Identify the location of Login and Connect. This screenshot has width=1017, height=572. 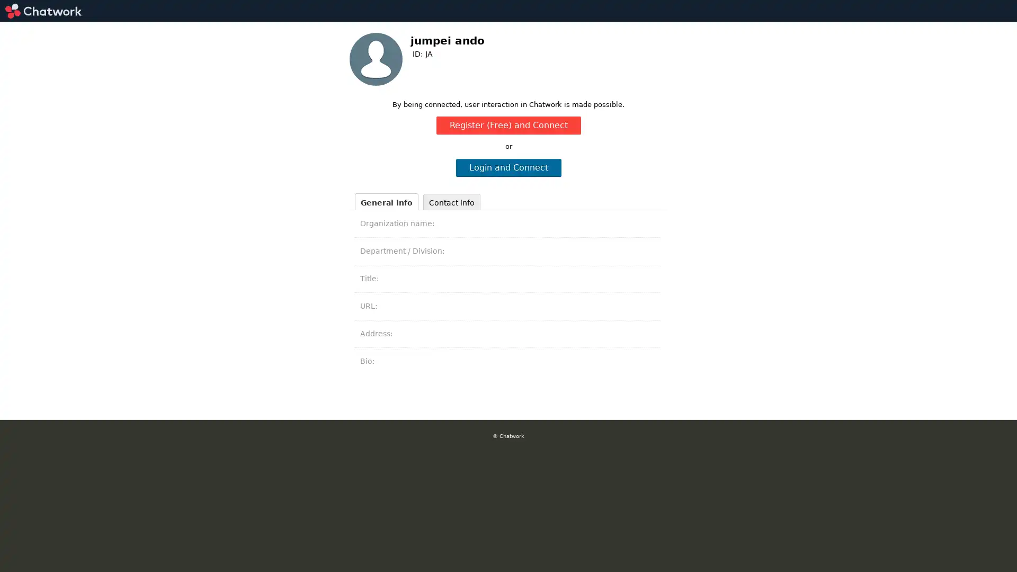
(507, 167).